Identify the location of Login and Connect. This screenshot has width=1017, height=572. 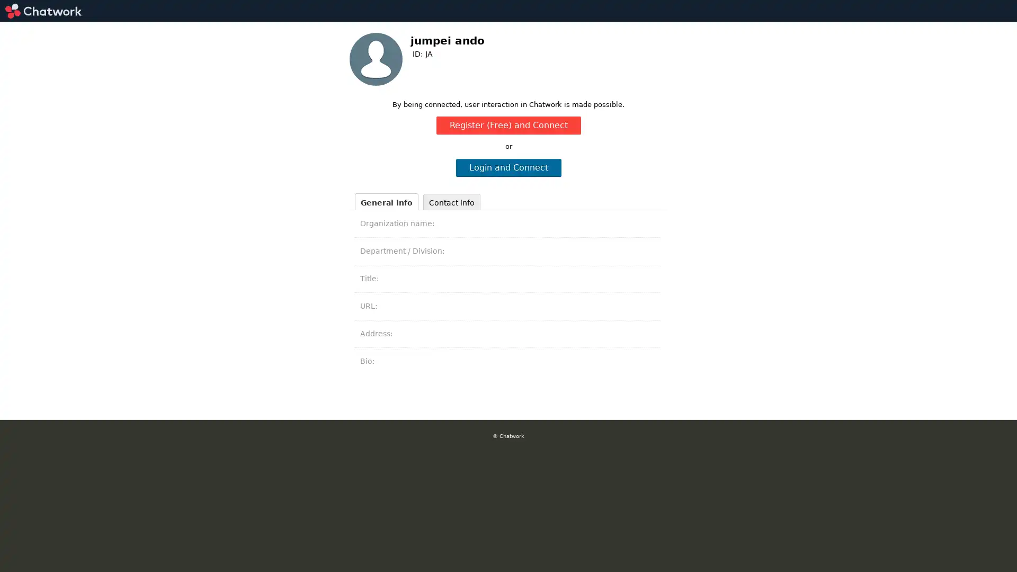
(507, 167).